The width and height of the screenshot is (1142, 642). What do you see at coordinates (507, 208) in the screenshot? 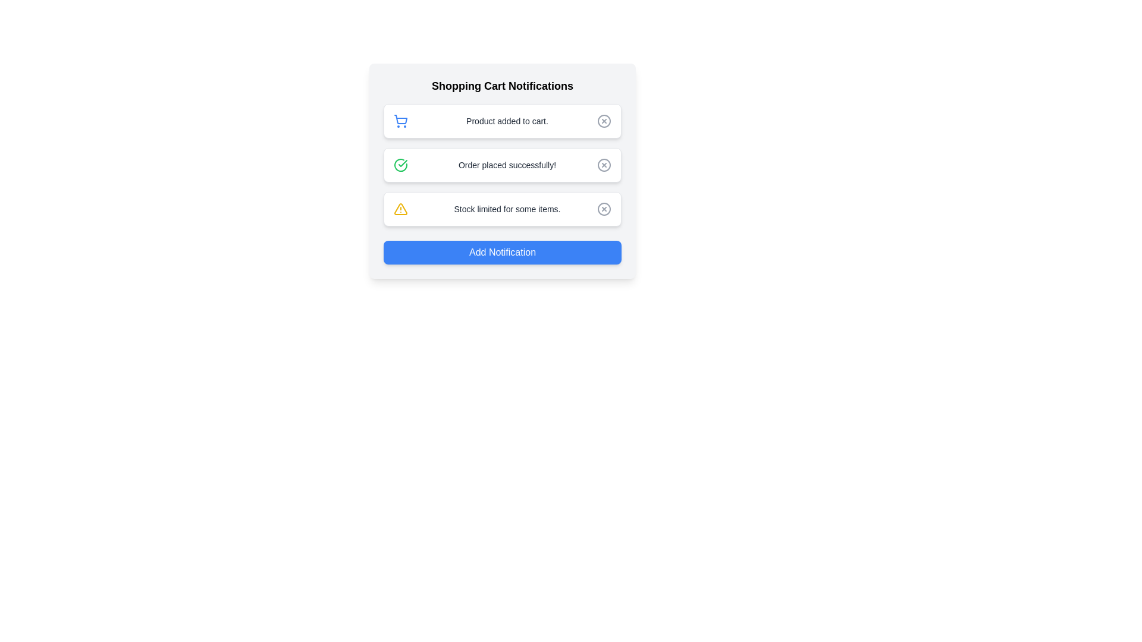
I see `text label that reads 'Stock limited for some items.' which is styled in a smaller gray font and is located centrally within the third notification card` at bounding box center [507, 208].